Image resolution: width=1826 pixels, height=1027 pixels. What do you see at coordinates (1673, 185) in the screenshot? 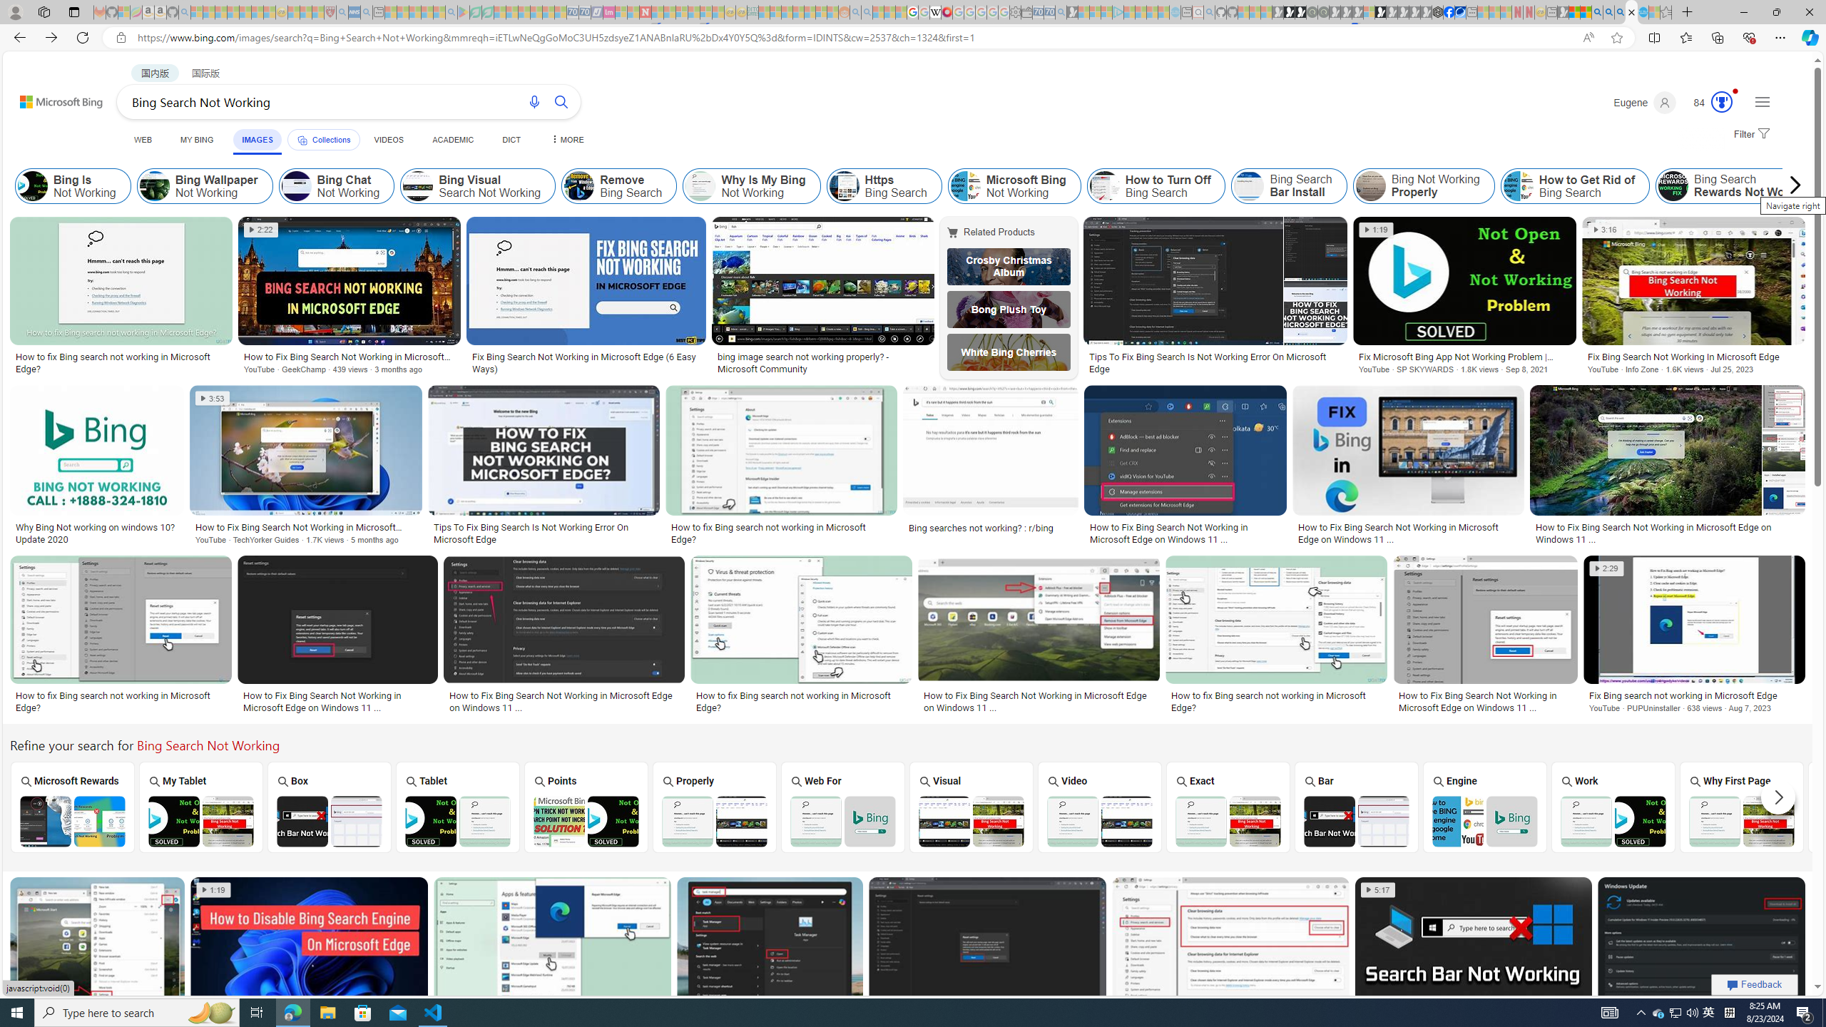
I see `'Bing Search Rewards Not Working'` at bounding box center [1673, 185].